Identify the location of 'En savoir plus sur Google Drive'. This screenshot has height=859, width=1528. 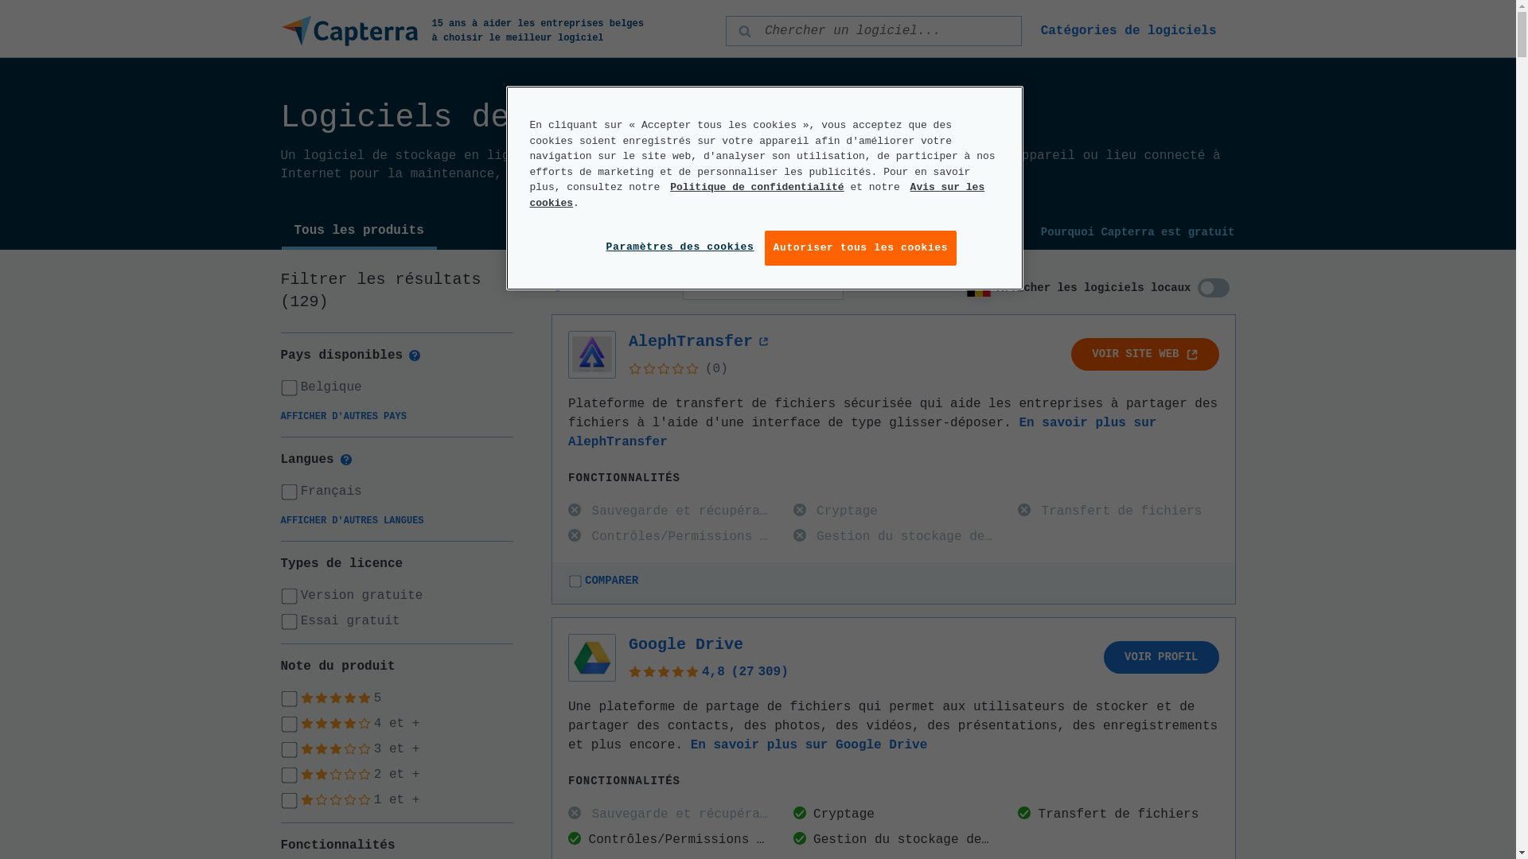
(809, 745).